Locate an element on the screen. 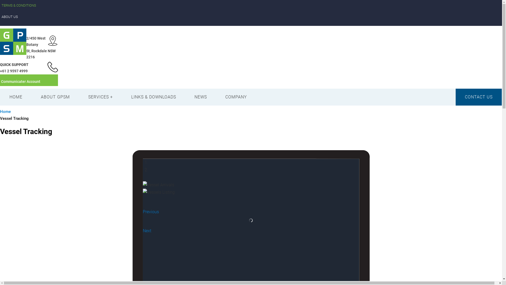 The height and width of the screenshot is (285, 506). 'CONTACT US' is located at coordinates (479, 97).